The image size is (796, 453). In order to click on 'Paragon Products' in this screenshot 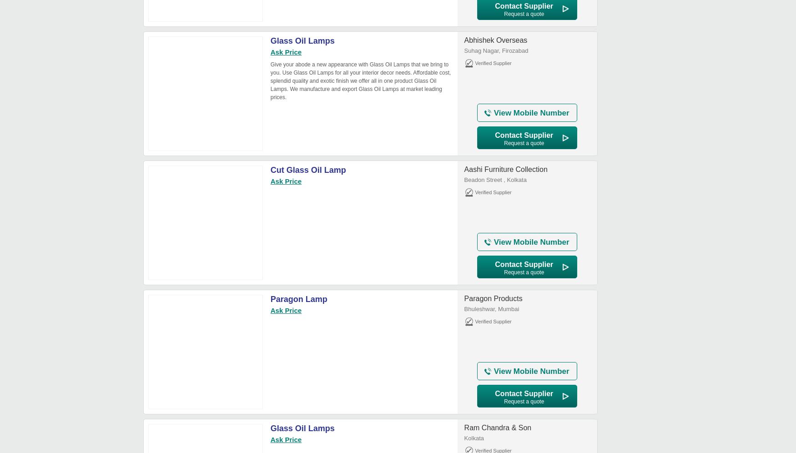, I will do `click(463, 298)`.